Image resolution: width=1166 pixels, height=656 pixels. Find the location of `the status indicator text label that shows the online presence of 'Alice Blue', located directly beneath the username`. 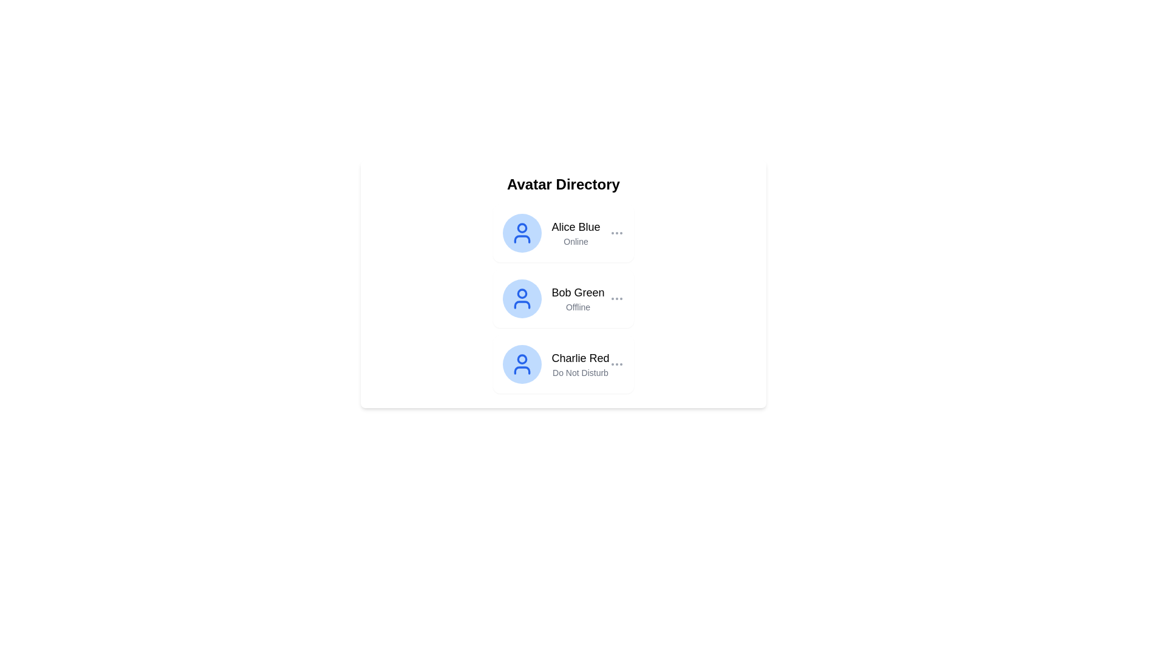

the status indicator text label that shows the online presence of 'Alice Blue', located directly beneath the username is located at coordinates (575, 241).